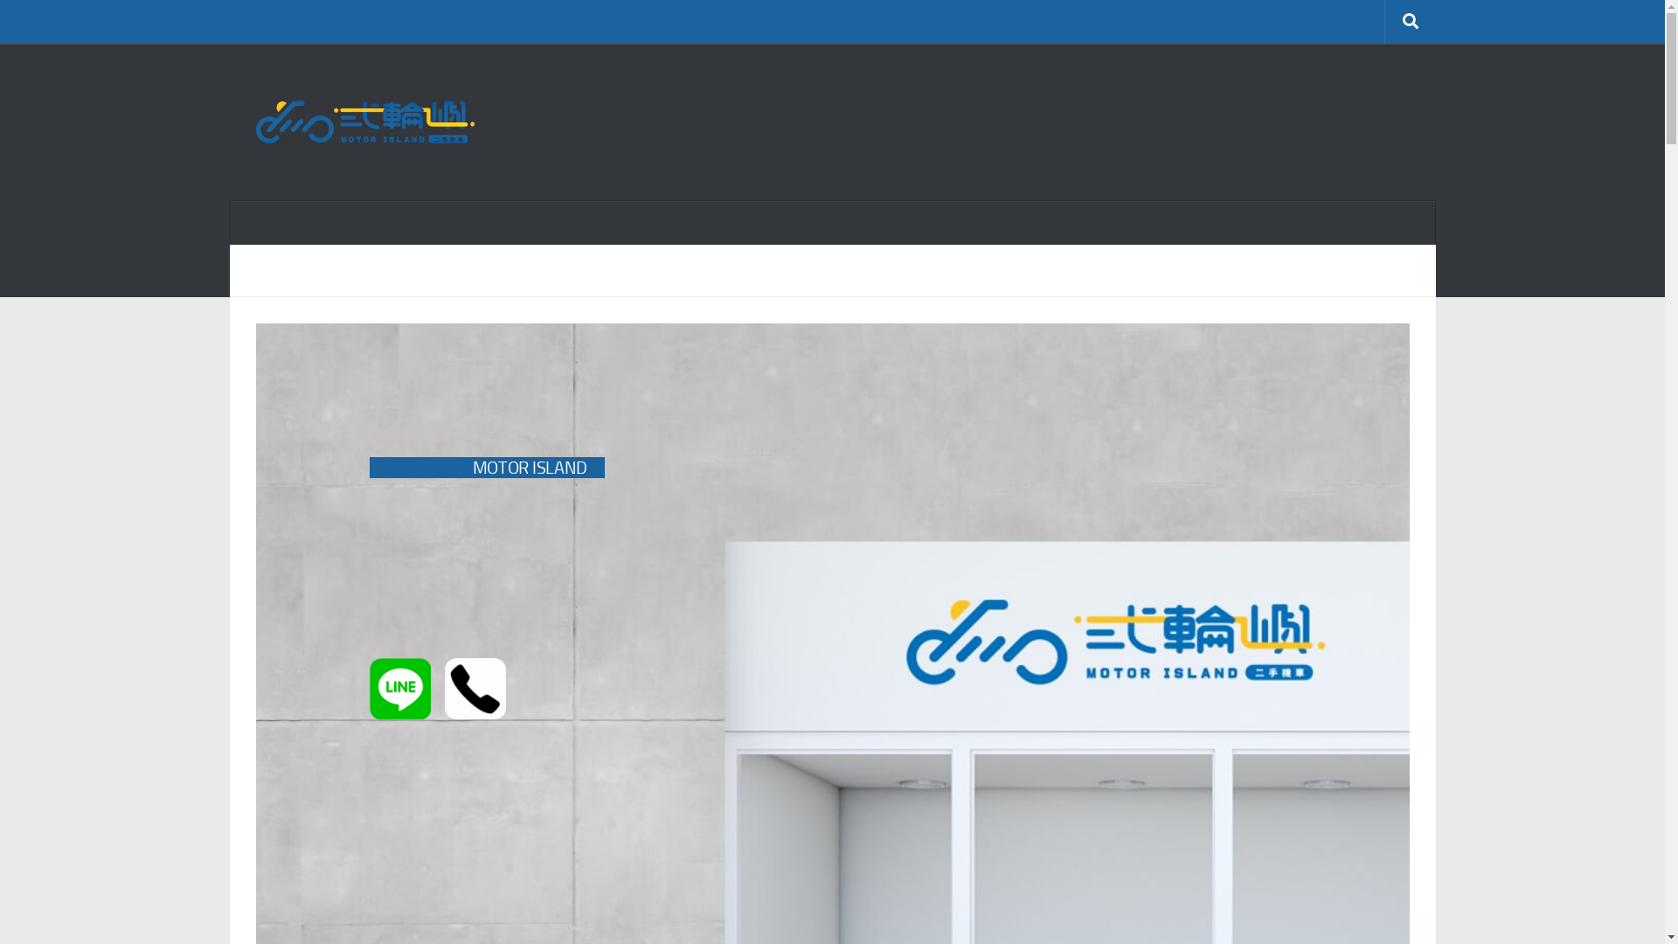  I want to click on 'Skip to content', so click(69, 24).